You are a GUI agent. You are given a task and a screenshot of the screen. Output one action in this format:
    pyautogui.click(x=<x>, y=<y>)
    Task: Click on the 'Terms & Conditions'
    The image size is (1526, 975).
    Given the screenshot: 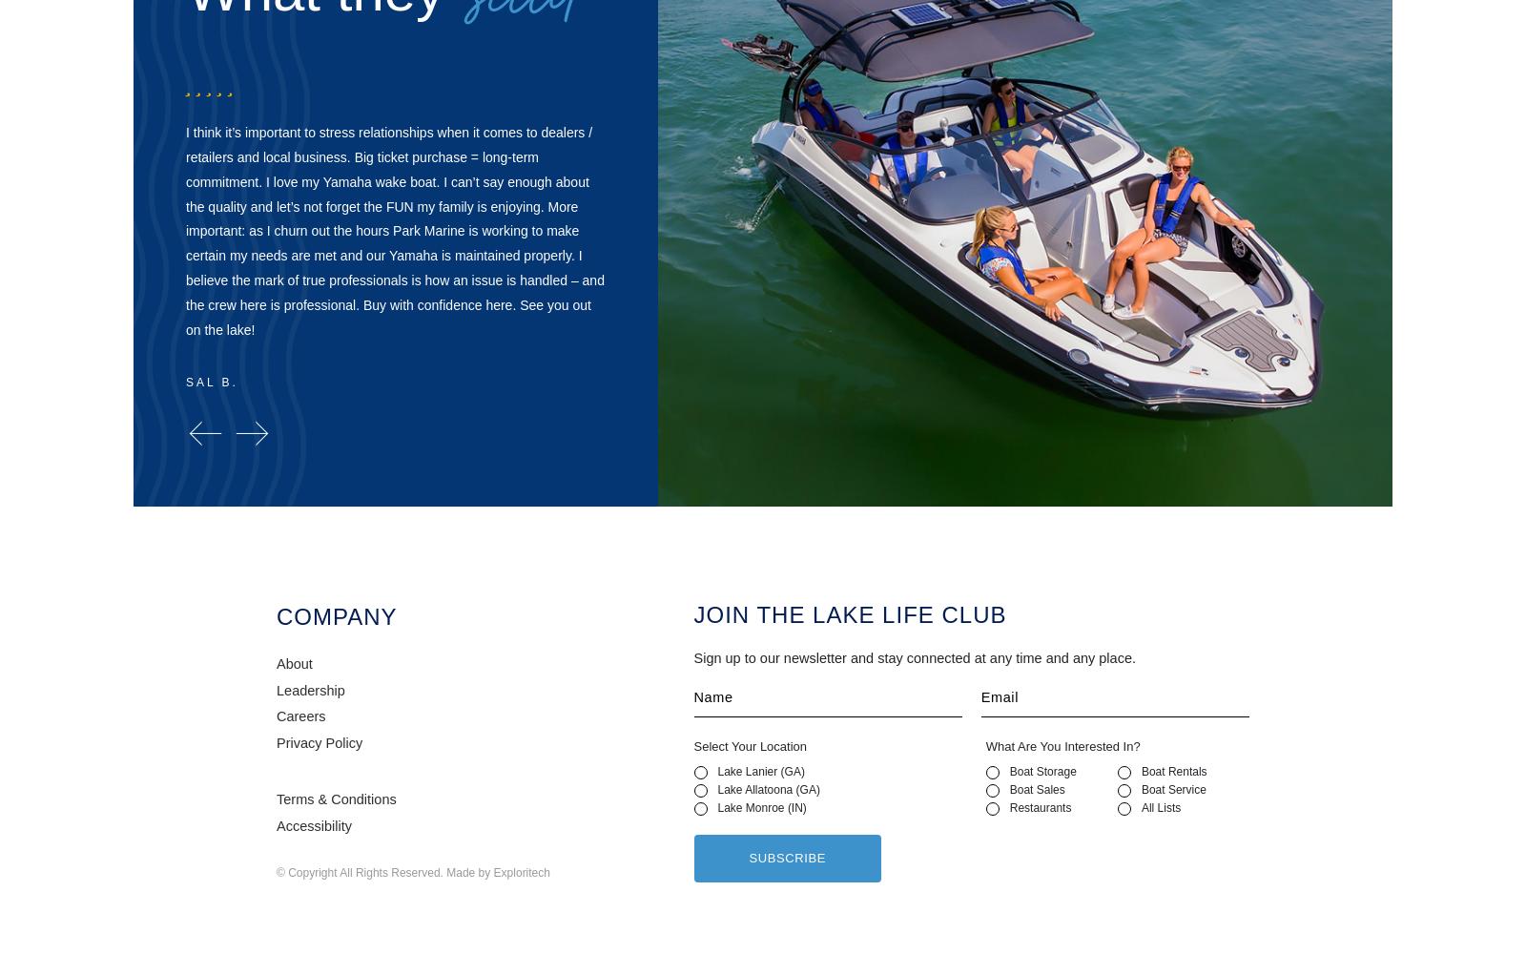 What is the action you would take?
    pyautogui.click(x=336, y=799)
    